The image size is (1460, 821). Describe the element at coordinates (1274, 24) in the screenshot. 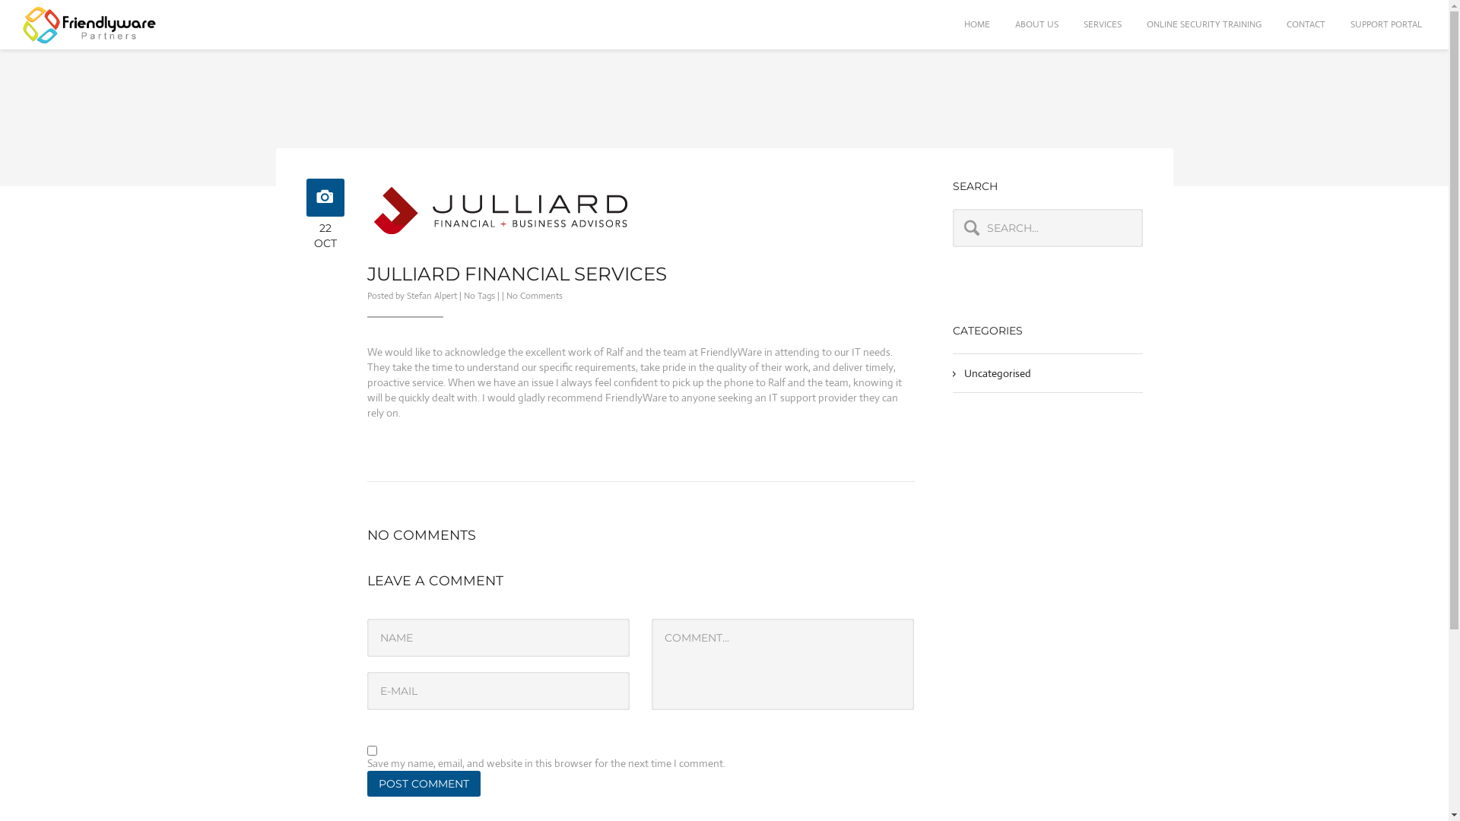

I see `'CONTACT'` at that location.